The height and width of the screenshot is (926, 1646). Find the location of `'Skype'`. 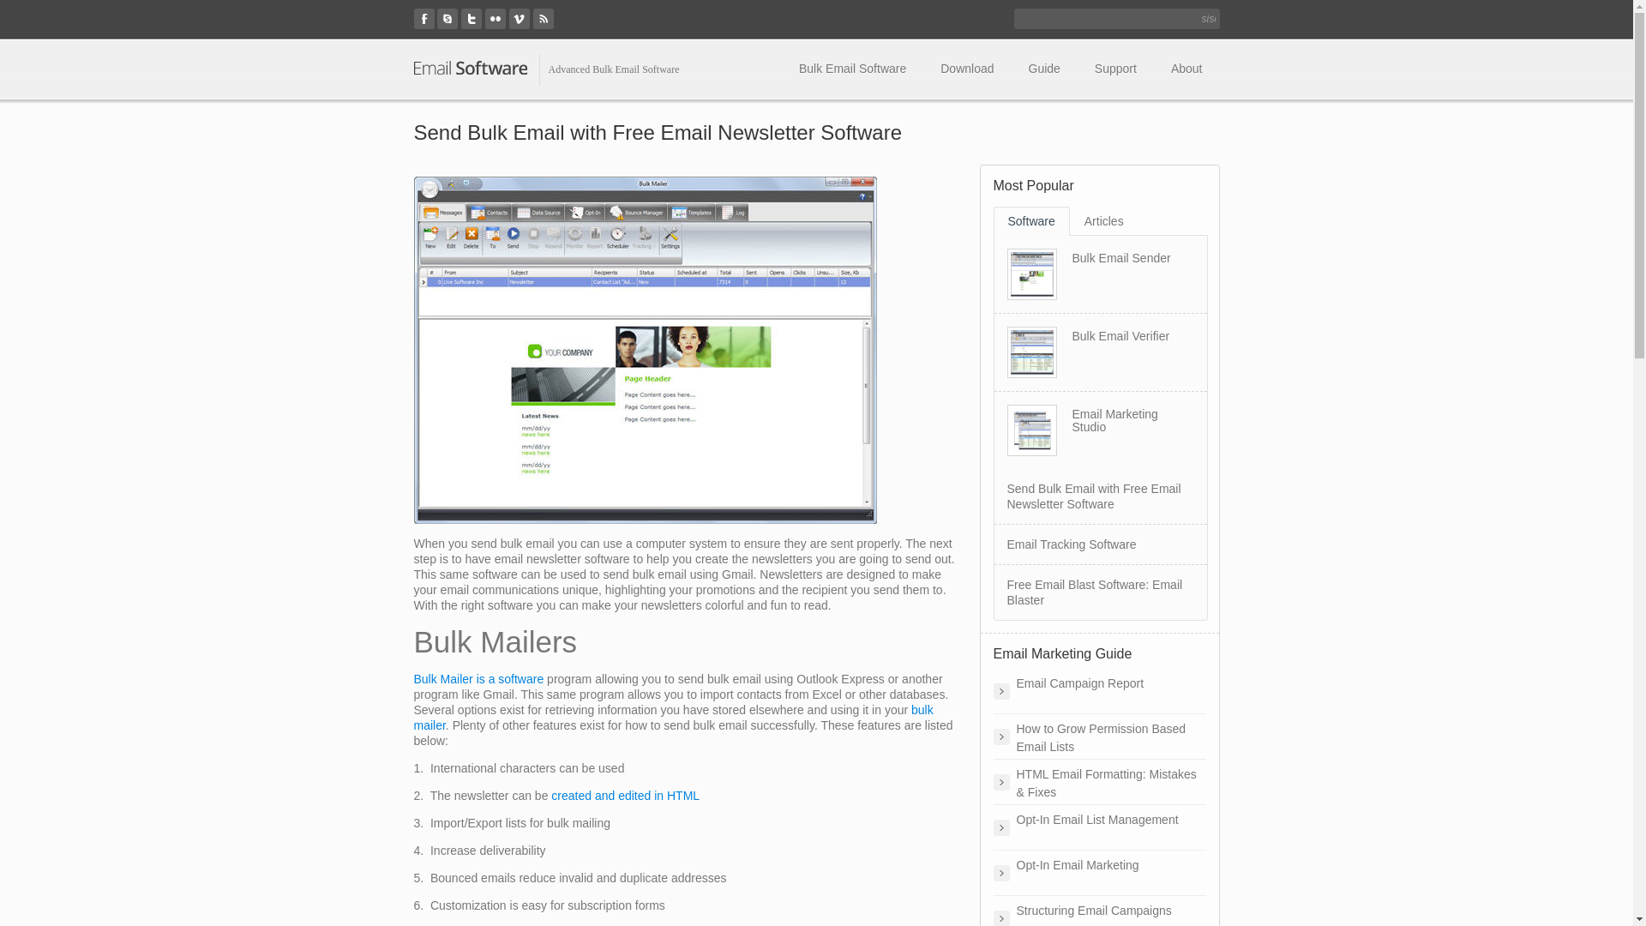

'Skype' is located at coordinates (448, 19).